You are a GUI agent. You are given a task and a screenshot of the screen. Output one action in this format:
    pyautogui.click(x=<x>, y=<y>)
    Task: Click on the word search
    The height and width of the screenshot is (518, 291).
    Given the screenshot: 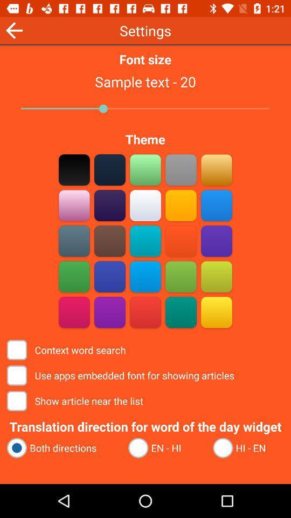 What is the action you would take?
    pyautogui.click(x=216, y=241)
    